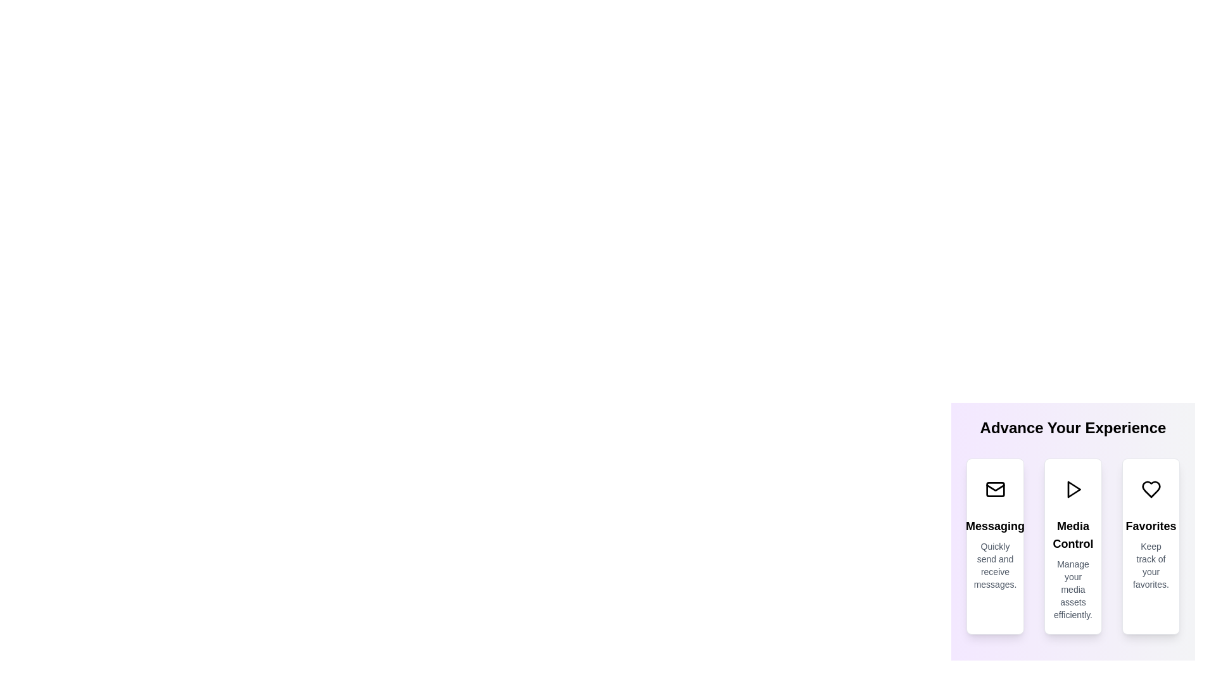  What do you see at coordinates (994, 488) in the screenshot?
I see `the mail icon, which is a simple line art depiction of an envelope located above the 'Messaging' label within a card layout` at bounding box center [994, 488].